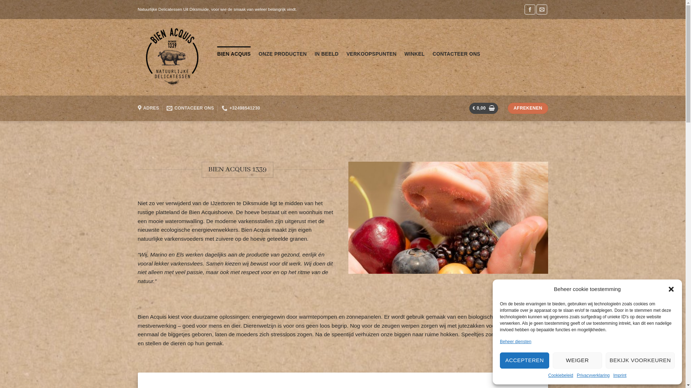 This screenshot has height=388, width=691. Describe the element at coordinates (542, 9) in the screenshot. I see `'Send us an email'` at that location.